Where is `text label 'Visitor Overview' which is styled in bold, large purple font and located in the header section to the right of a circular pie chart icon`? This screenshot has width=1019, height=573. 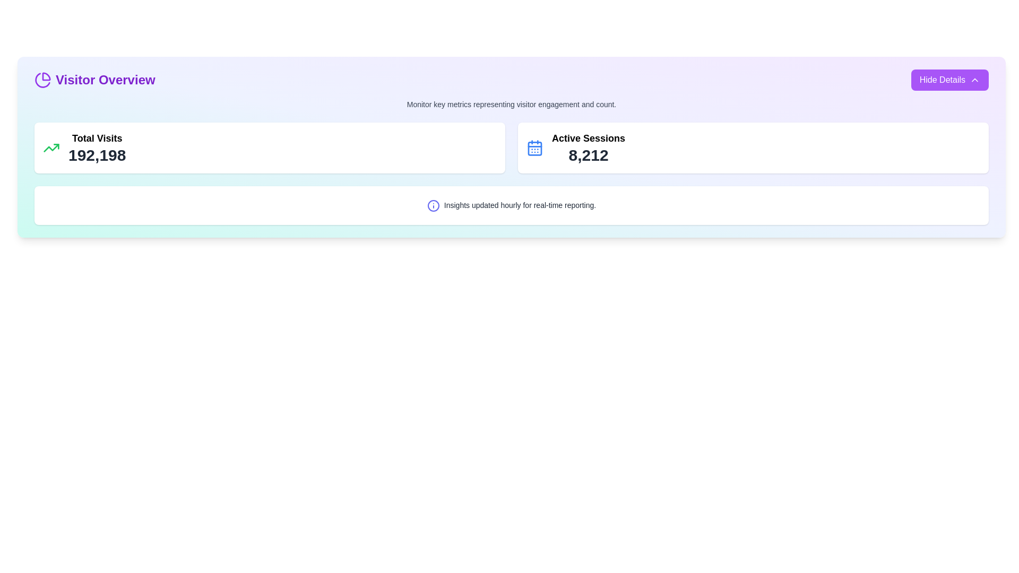 text label 'Visitor Overview' which is styled in bold, large purple font and located in the header section to the right of a circular pie chart icon is located at coordinates (105, 79).